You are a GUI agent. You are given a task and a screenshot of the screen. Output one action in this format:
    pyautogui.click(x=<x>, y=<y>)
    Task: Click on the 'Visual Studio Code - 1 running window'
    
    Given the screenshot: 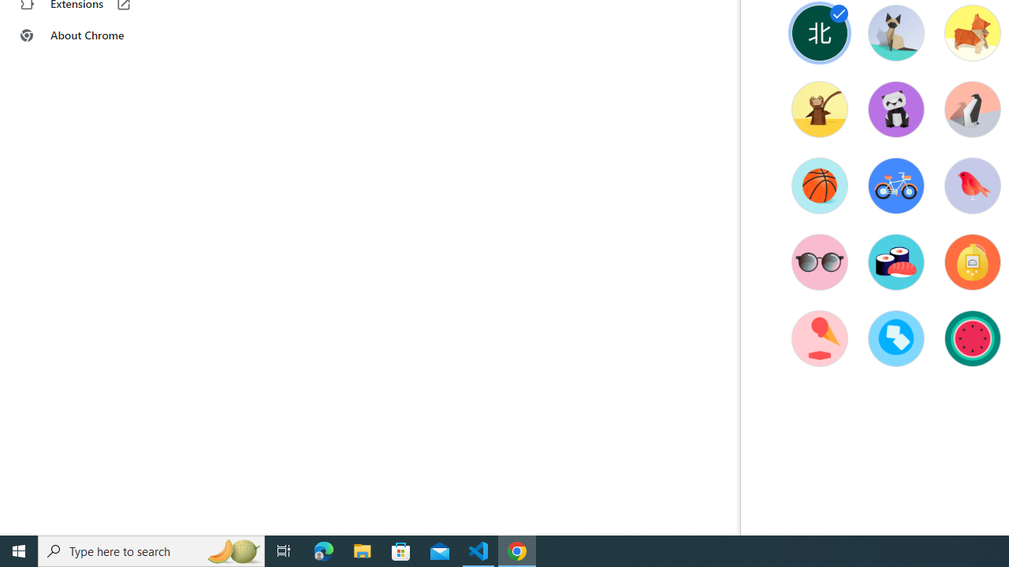 What is the action you would take?
    pyautogui.click(x=478, y=550)
    